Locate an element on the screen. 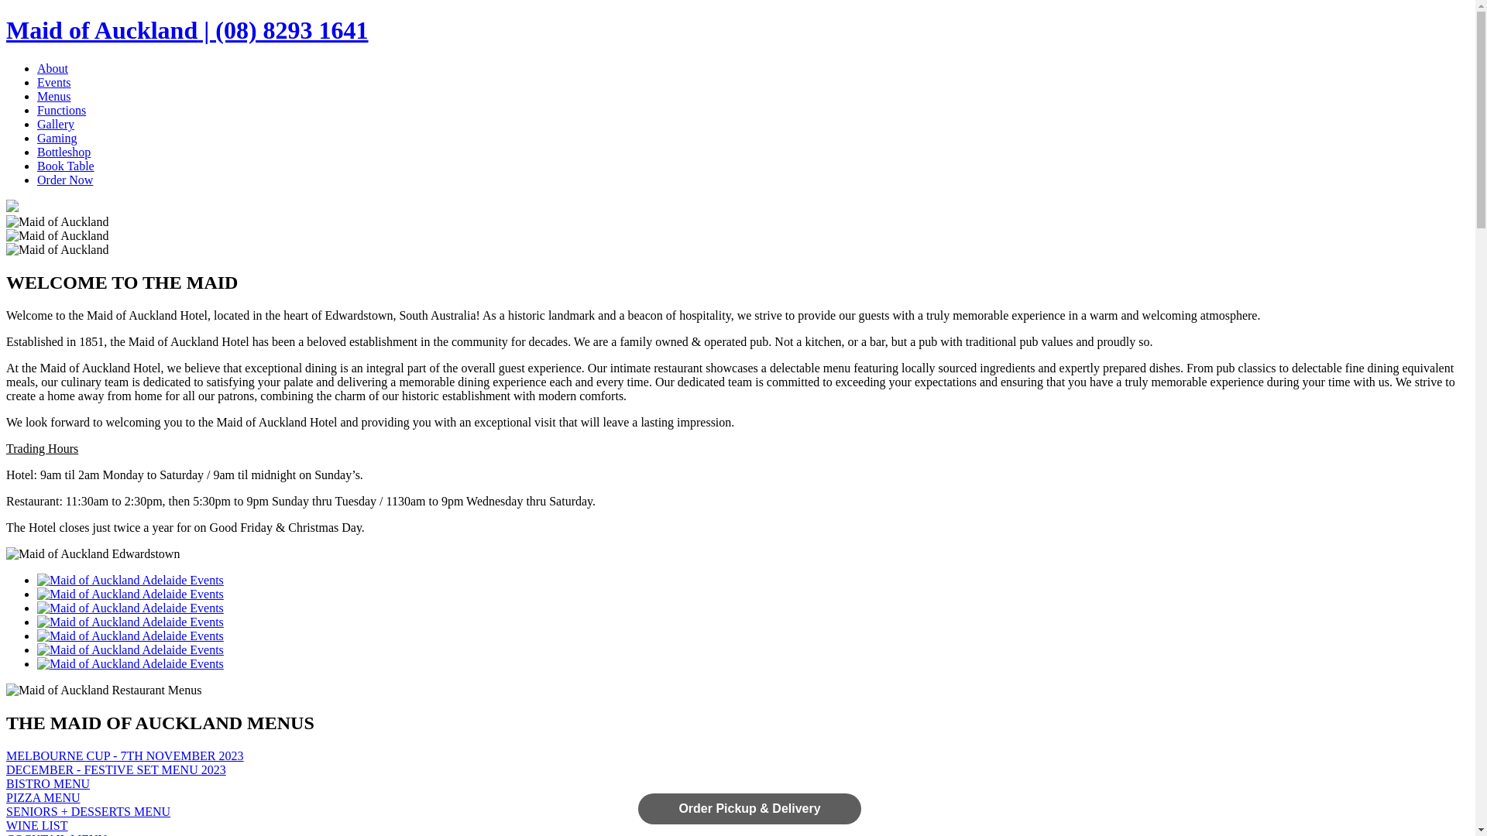 The width and height of the screenshot is (1487, 836). 'Maid of Auckland | (08) 8293 1641' is located at coordinates (186, 29).